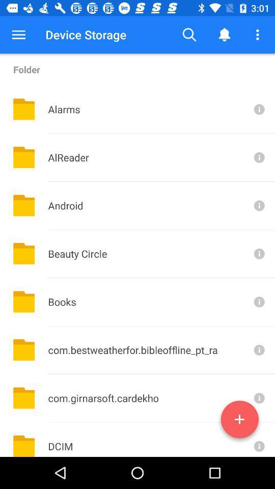 This screenshot has width=275, height=489. I want to click on more info, so click(258, 109).